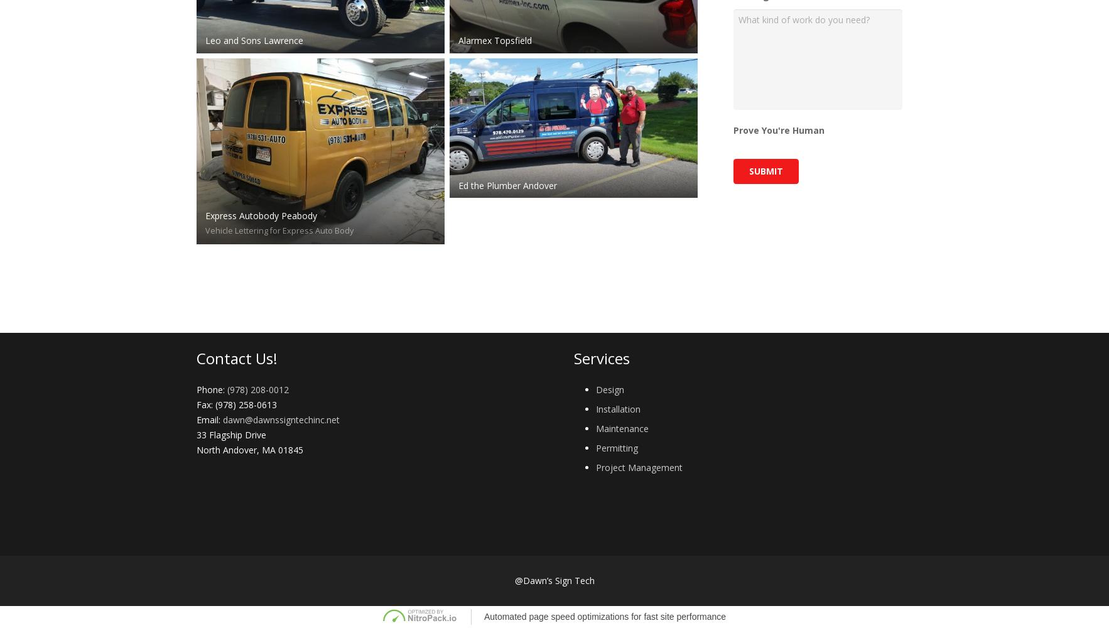 The width and height of the screenshot is (1109, 628). Describe the element at coordinates (257, 388) in the screenshot. I see `'(978) 208-0012'` at that location.